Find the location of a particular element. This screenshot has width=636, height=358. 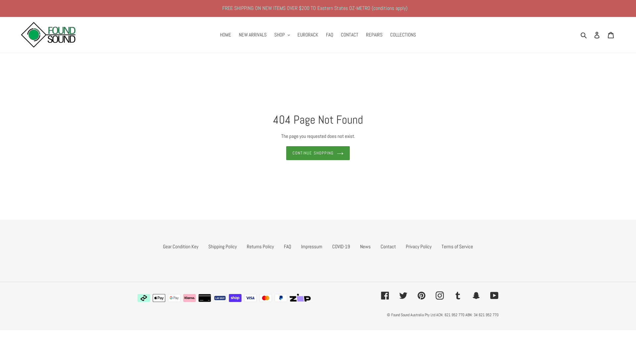

'COLLECTIONS' is located at coordinates (403, 35).